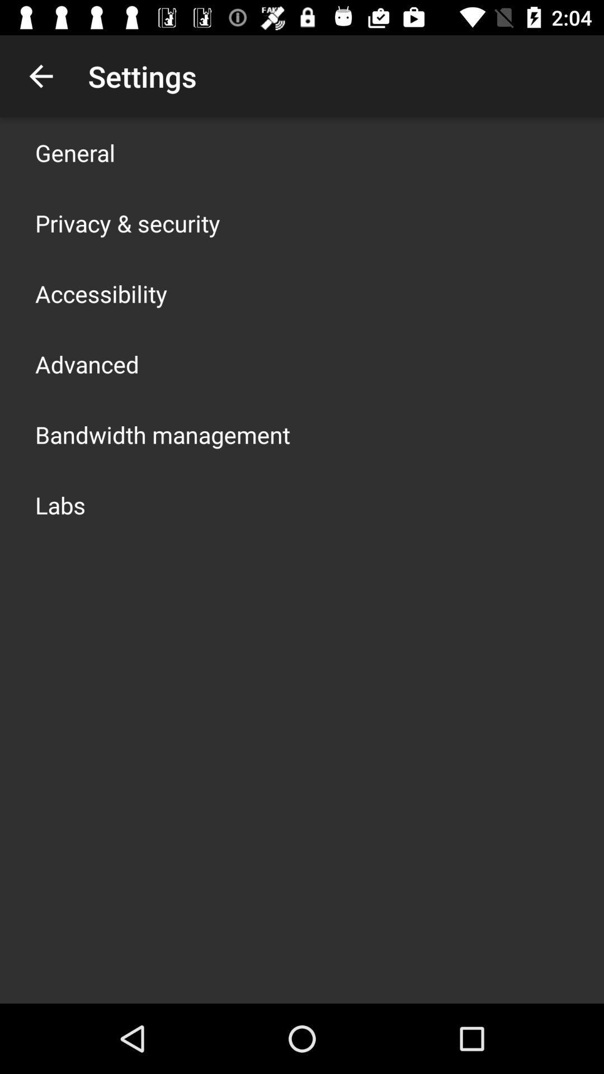 The image size is (604, 1074). Describe the element at coordinates (60, 504) in the screenshot. I see `labs item` at that location.